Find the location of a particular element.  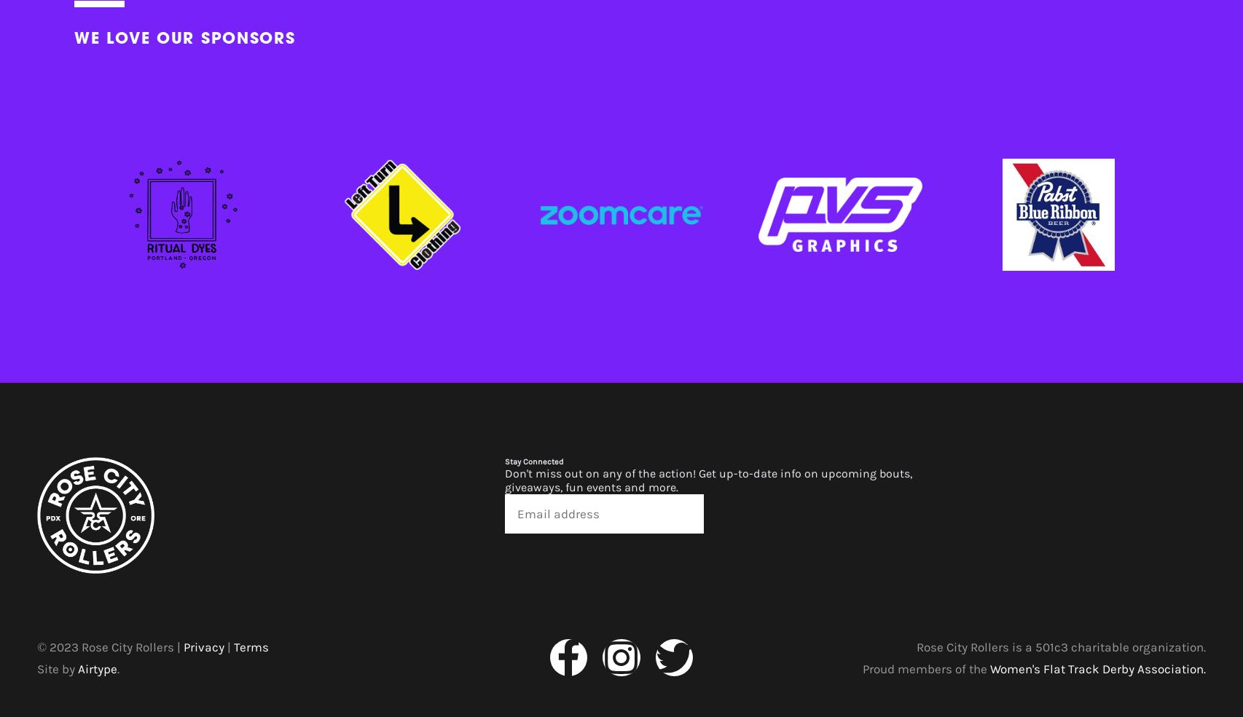

'Proud members of the' is located at coordinates (925, 669).